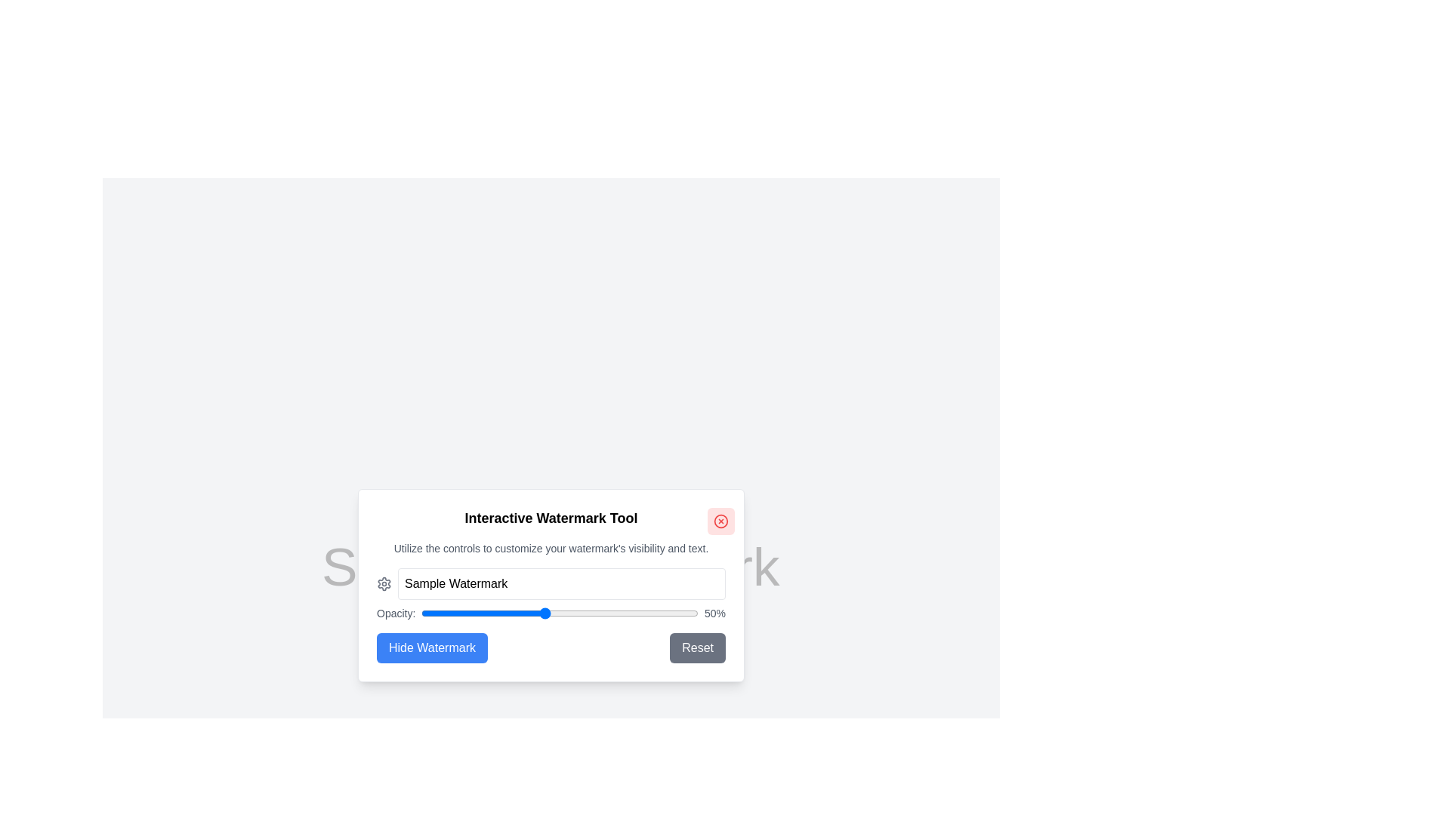 The image size is (1450, 815). I want to click on the 'Hide Watermark' button, which is a rectangular button with rounded corners and a blue background, located in the lower-left portion of the 'Interactive Watermark Tool' modal dialog, so click(431, 647).